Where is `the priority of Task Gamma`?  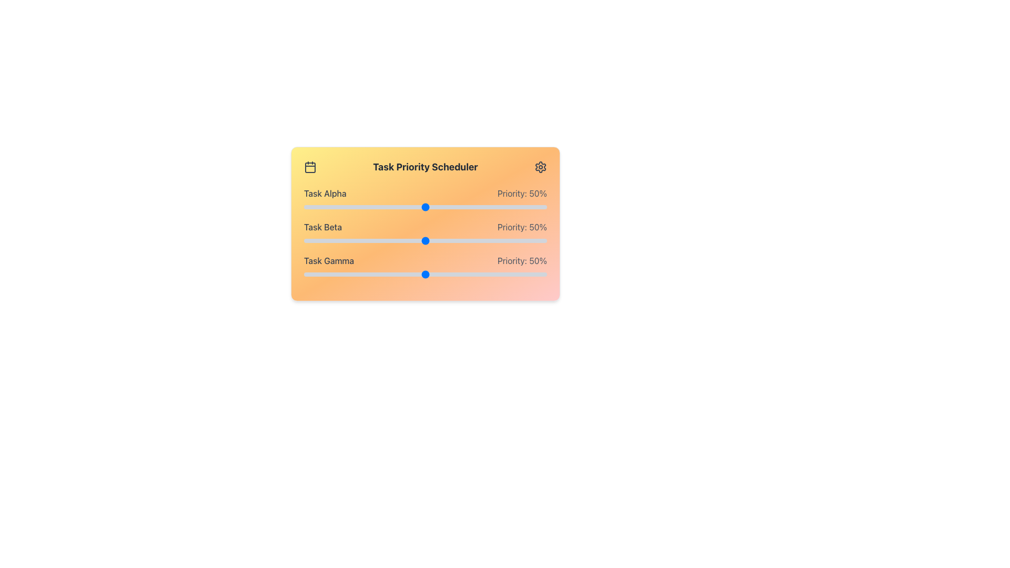
the priority of Task Gamma is located at coordinates (471, 273).